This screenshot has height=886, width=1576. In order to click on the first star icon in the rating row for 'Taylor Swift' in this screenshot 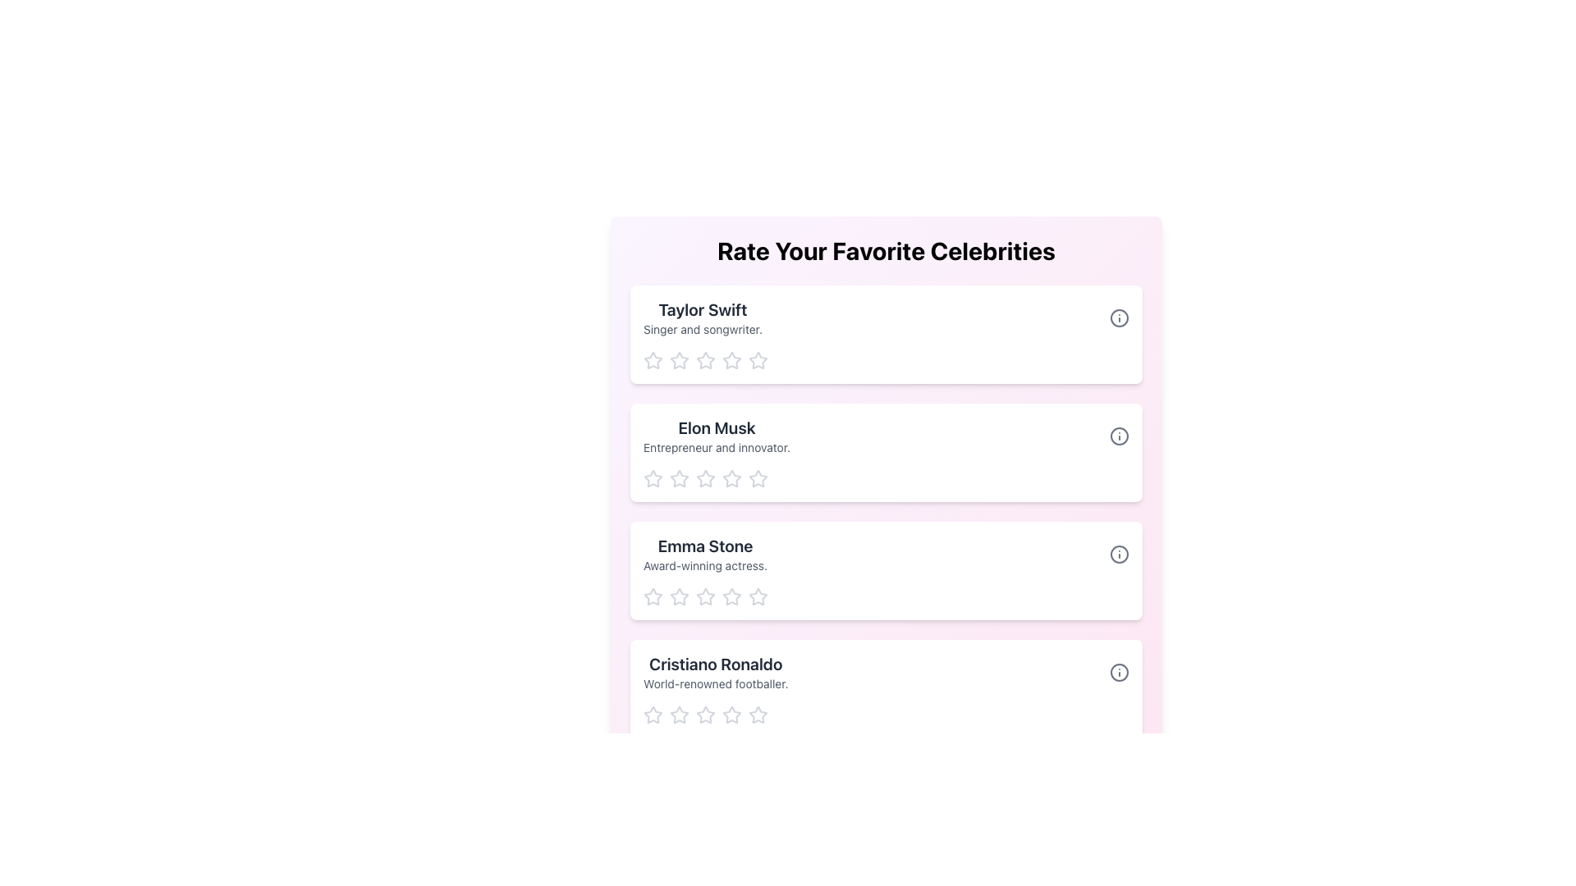, I will do `click(653, 359)`.